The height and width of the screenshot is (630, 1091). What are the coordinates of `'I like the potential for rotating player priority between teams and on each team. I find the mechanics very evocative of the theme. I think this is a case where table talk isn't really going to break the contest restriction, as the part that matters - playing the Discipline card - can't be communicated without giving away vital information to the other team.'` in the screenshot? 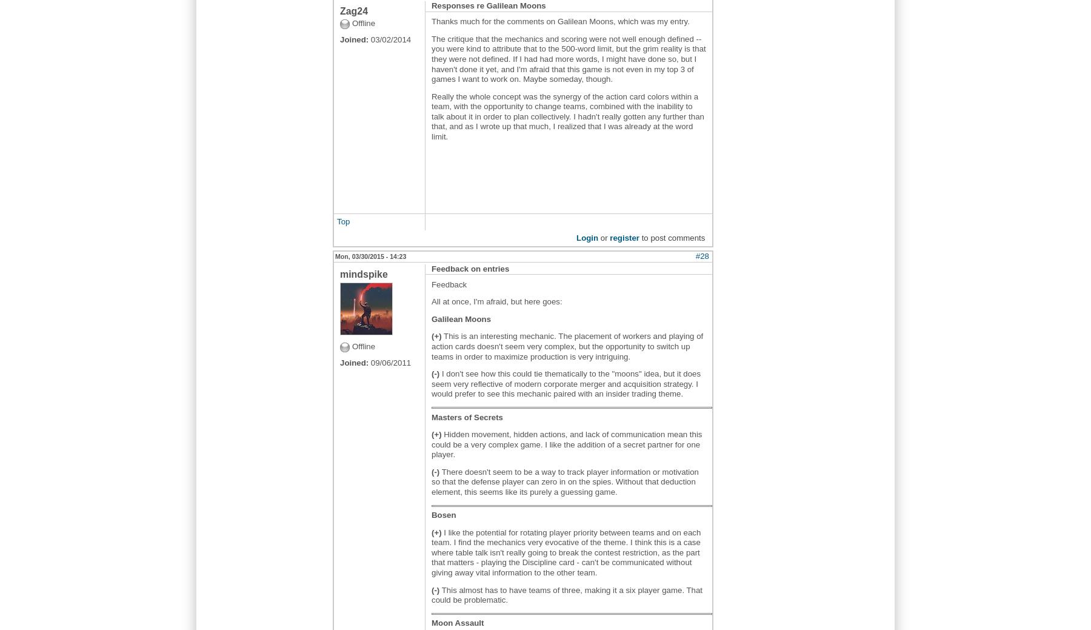 It's located at (566, 552).